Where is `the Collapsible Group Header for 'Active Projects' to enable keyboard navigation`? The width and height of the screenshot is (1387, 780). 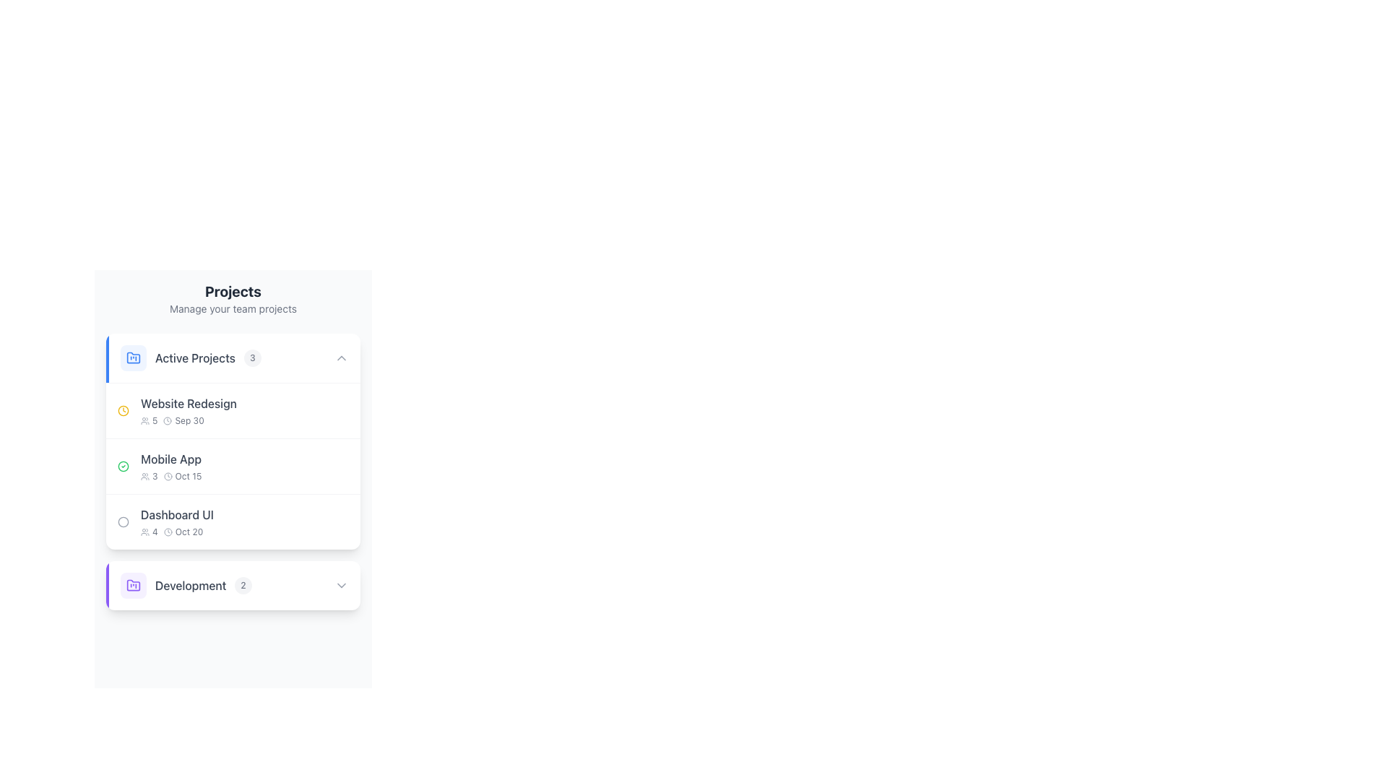
the Collapsible Group Header for 'Active Projects' to enable keyboard navigation is located at coordinates (233, 357).